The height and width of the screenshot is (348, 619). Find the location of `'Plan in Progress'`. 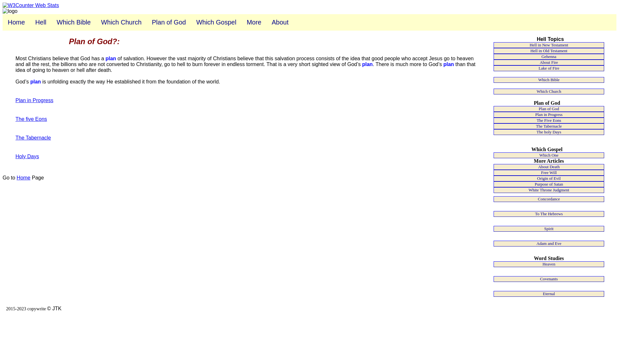

'Plan in Progress' is located at coordinates (34, 100).